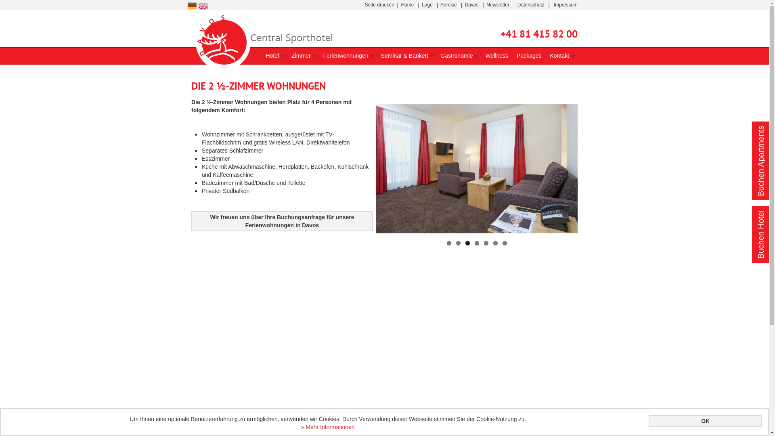 The height and width of the screenshot is (436, 775). I want to click on 'En', so click(203, 5).